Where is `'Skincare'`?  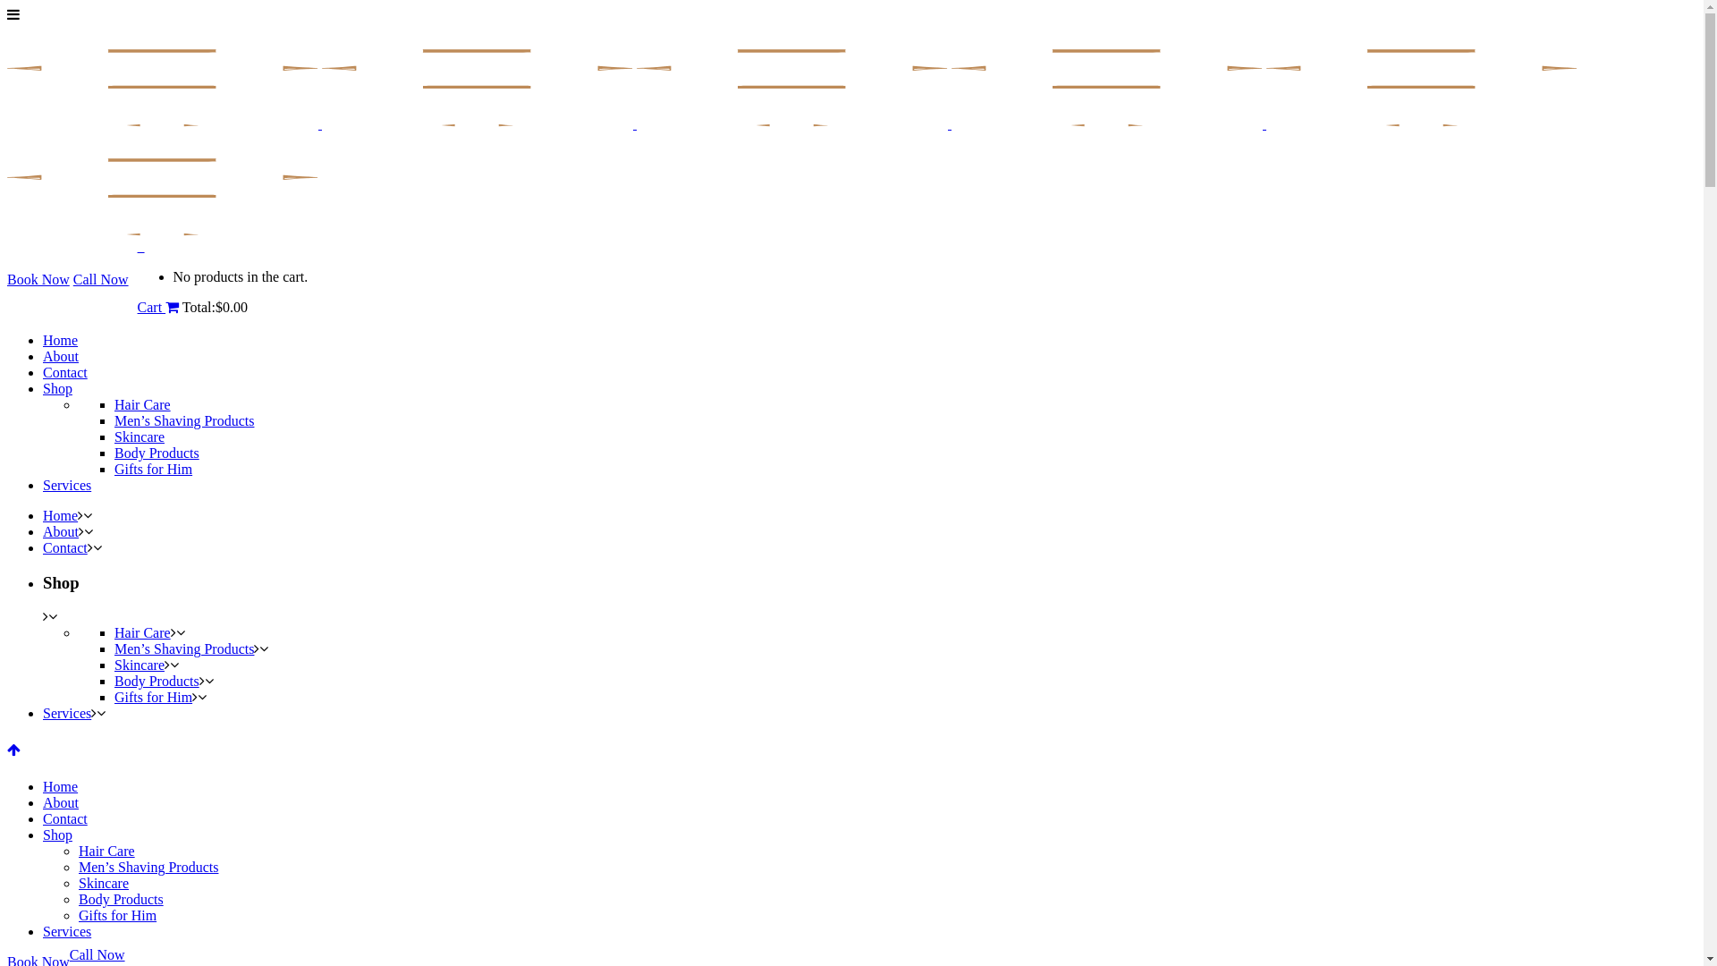 'Skincare' is located at coordinates (77, 882).